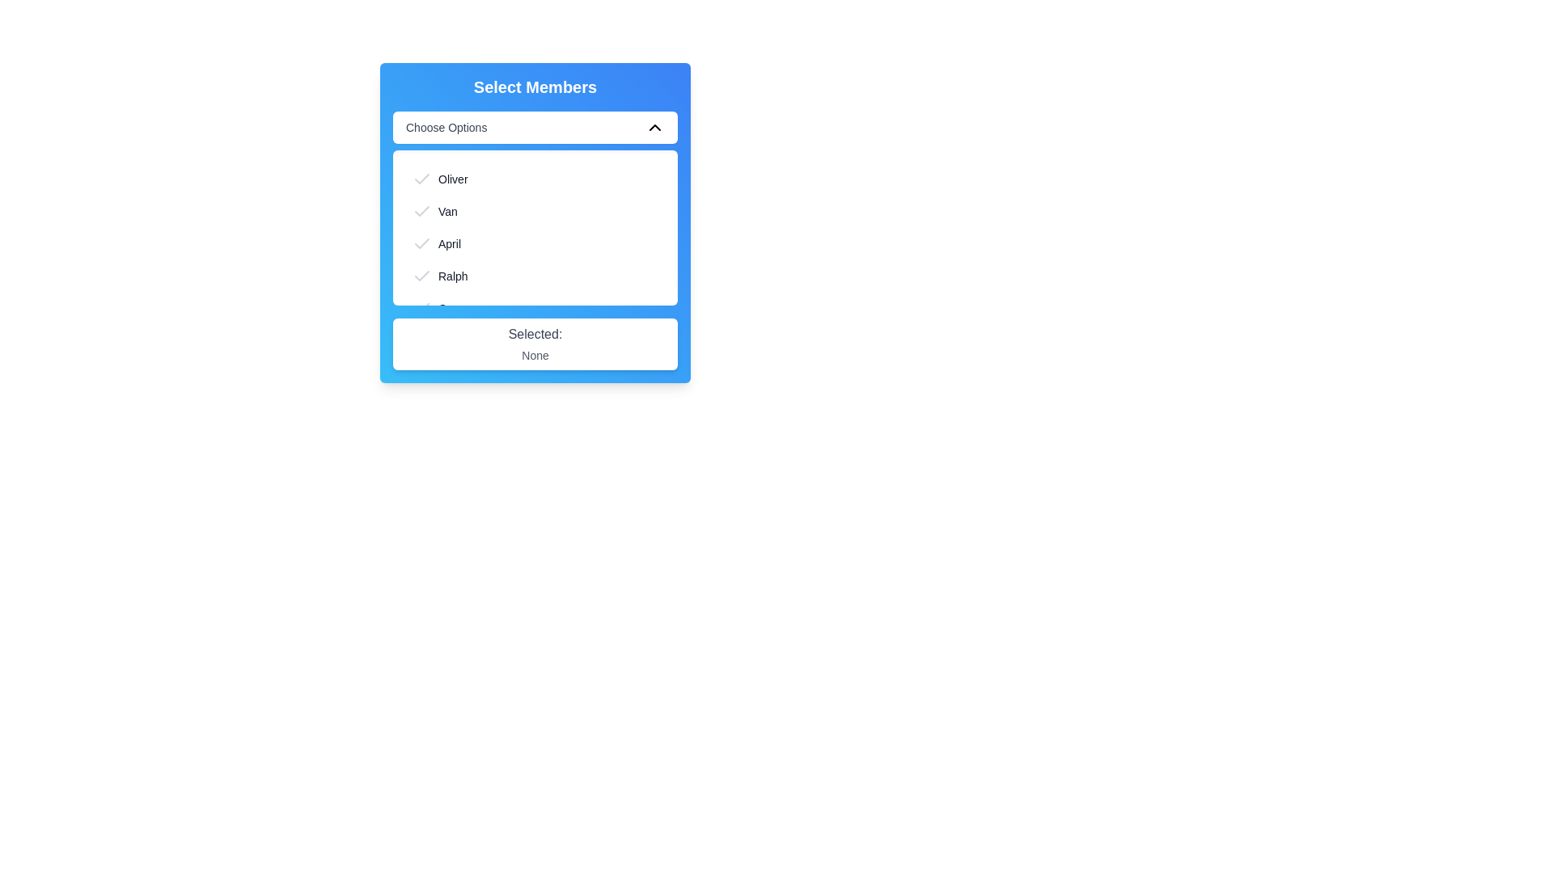  Describe the element at coordinates (535, 308) in the screenshot. I see `the interactive list item labeled 'Omar'` at that location.